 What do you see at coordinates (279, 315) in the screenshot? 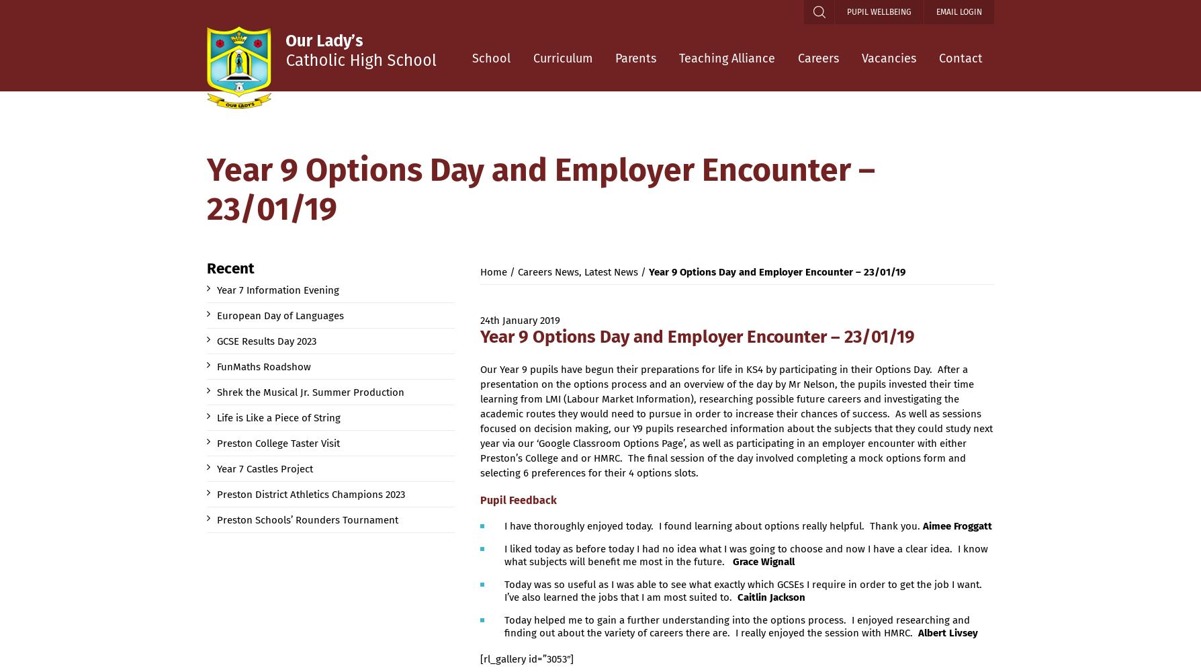
I see `'European Day of Languages'` at bounding box center [279, 315].